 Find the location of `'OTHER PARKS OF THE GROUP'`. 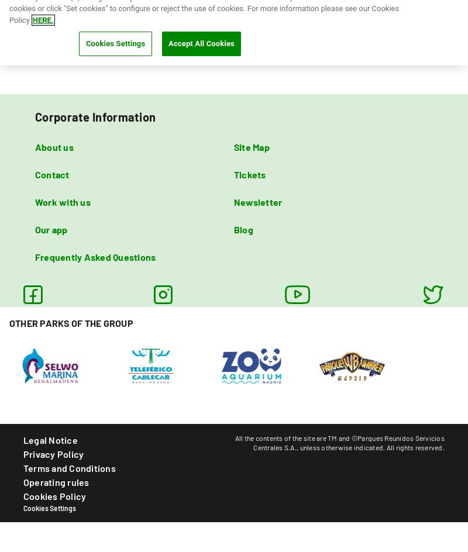

'OTHER PARKS OF THE GROUP' is located at coordinates (70, 322).